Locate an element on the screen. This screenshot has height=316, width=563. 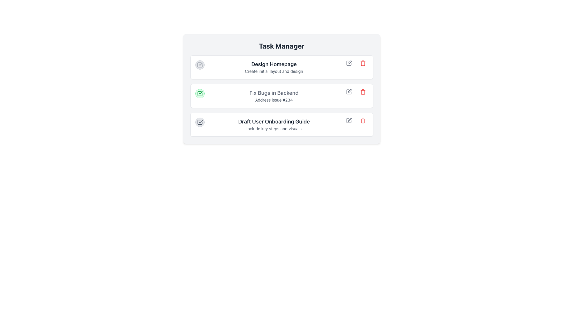
the red trash icon on the right side of the 'Fix Bugs in Backend' task card is located at coordinates (362, 92).